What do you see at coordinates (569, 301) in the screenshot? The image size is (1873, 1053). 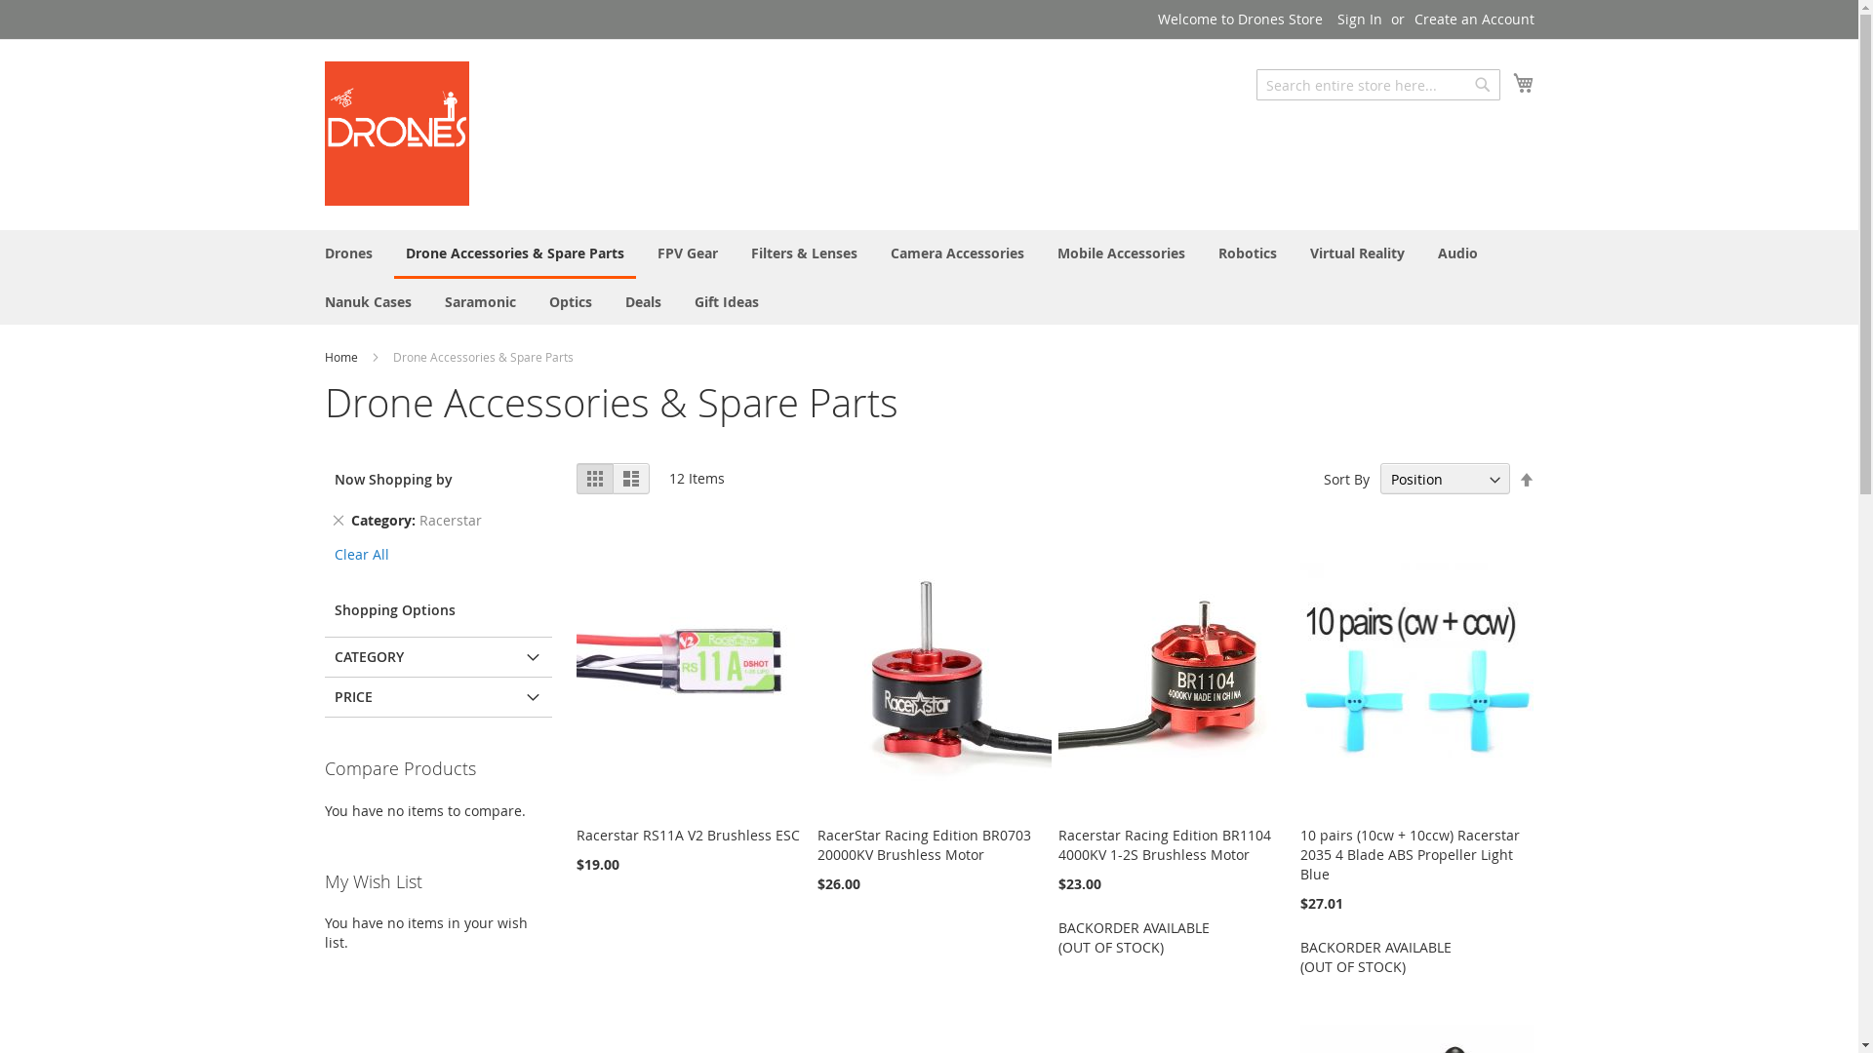 I see `'Optics'` at bounding box center [569, 301].